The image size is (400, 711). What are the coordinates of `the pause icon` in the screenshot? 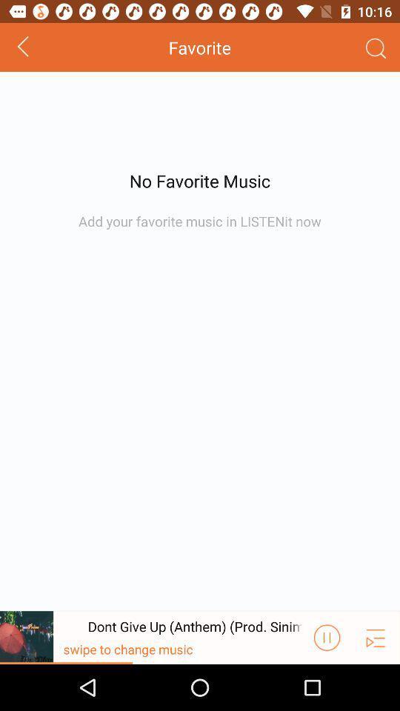 It's located at (327, 682).